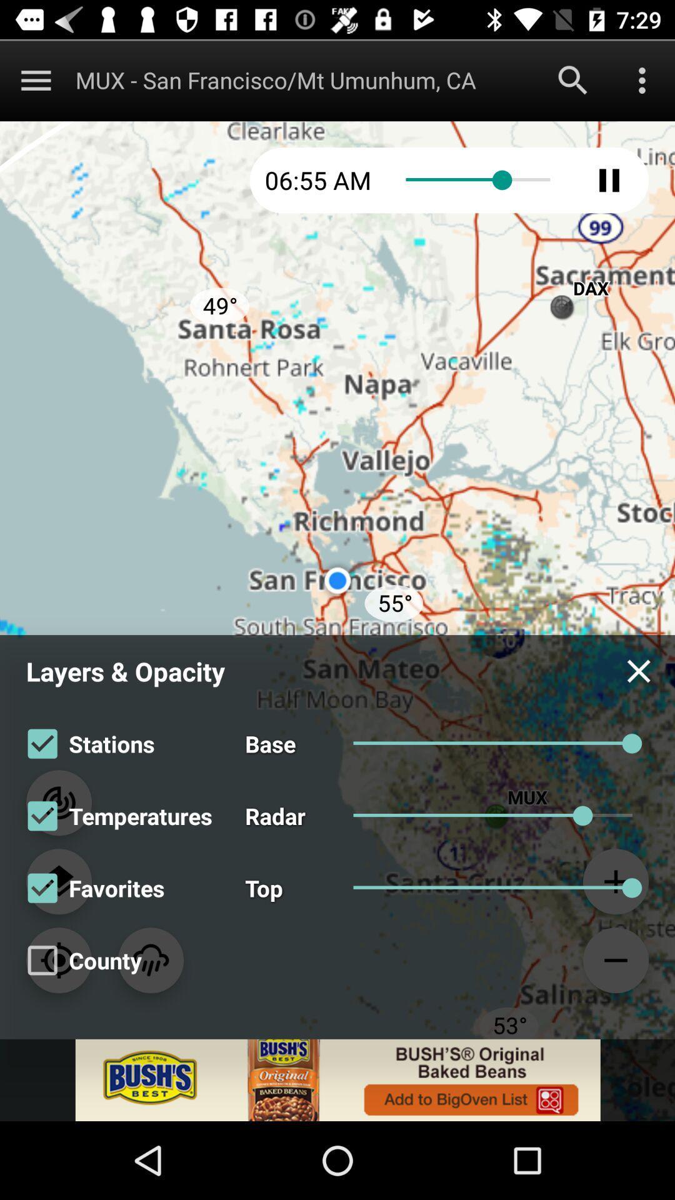 The image size is (675, 1200). I want to click on the close icon, so click(639, 671).